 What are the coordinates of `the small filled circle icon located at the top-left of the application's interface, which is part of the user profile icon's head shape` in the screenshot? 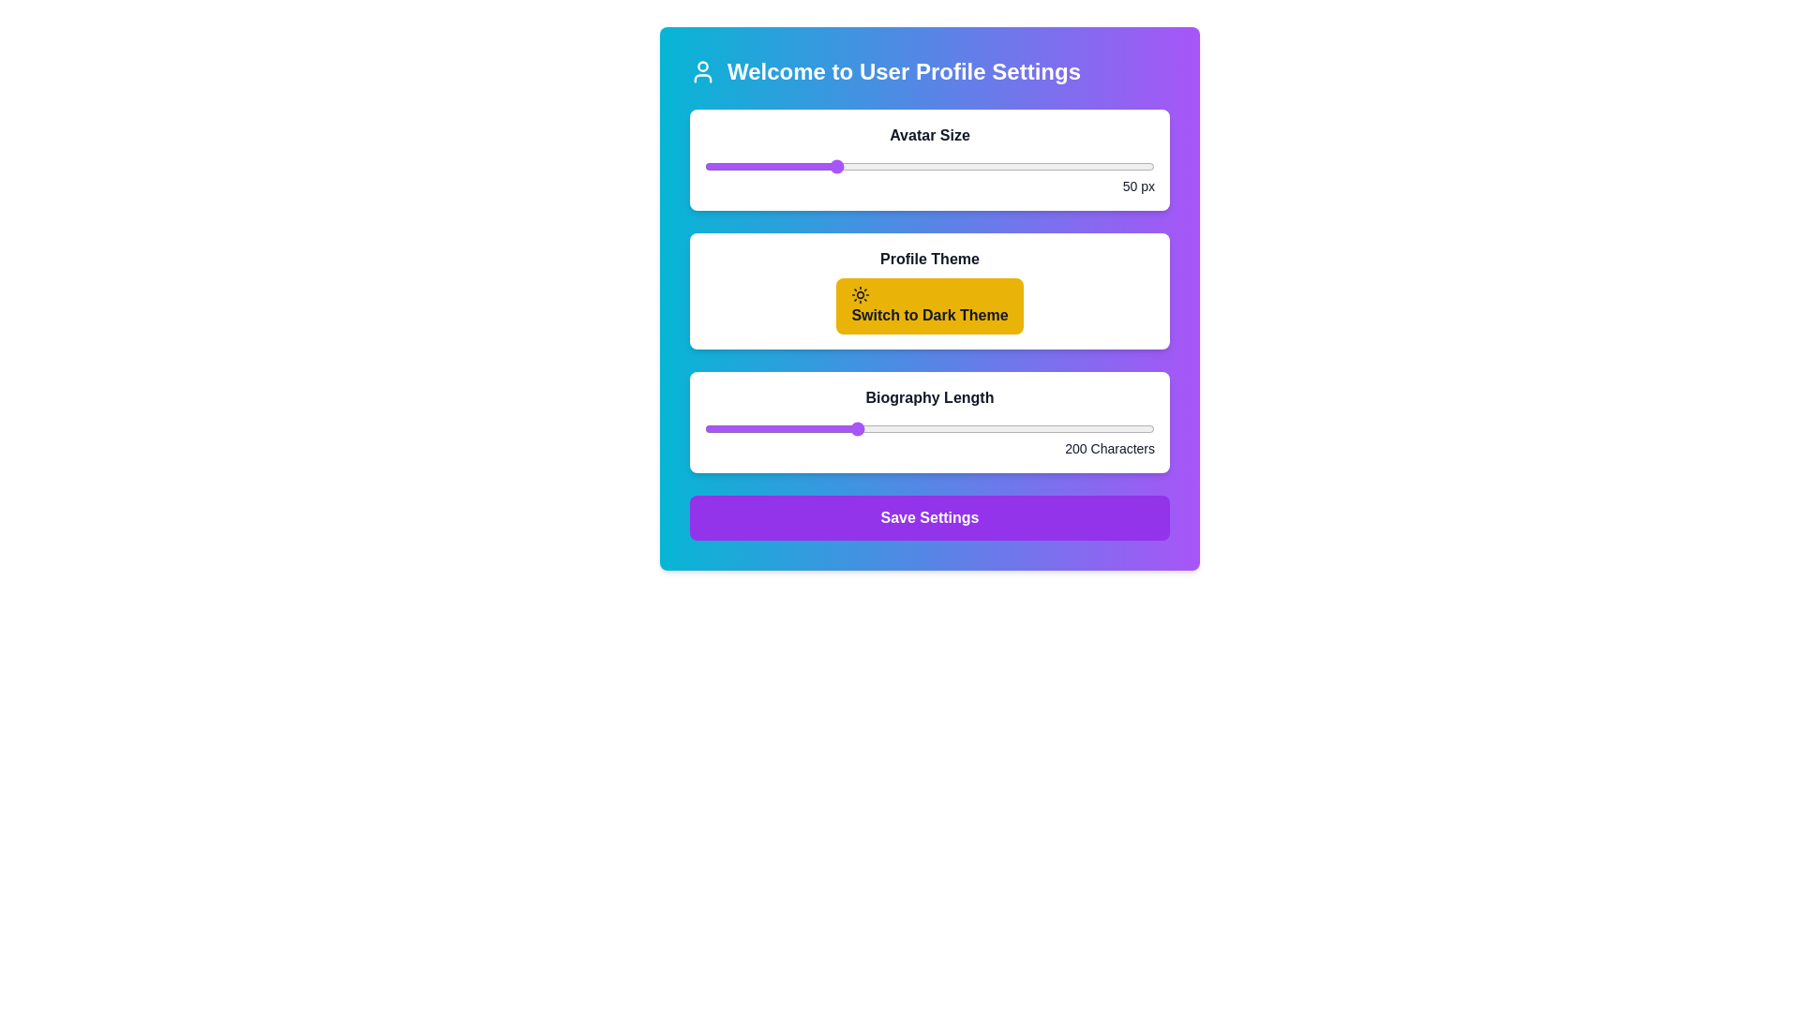 It's located at (701, 65).